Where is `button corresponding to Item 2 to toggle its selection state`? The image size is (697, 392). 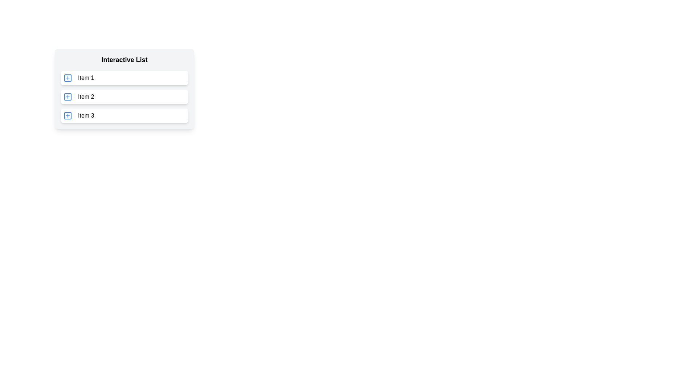 button corresponding to Item 2 to toggle its selection state is located at coordinates (68, 96).